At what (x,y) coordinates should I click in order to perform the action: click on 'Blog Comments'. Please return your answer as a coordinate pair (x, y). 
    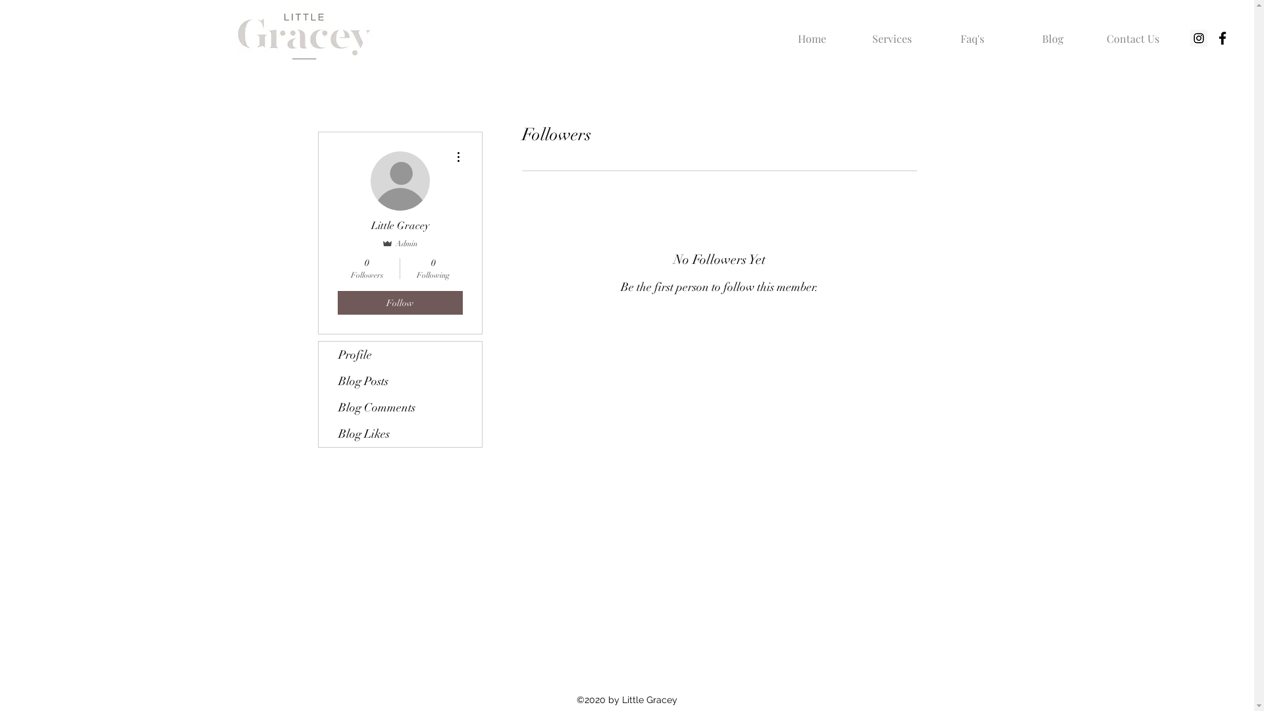
    Looking at the image, I should click on (319, 406).